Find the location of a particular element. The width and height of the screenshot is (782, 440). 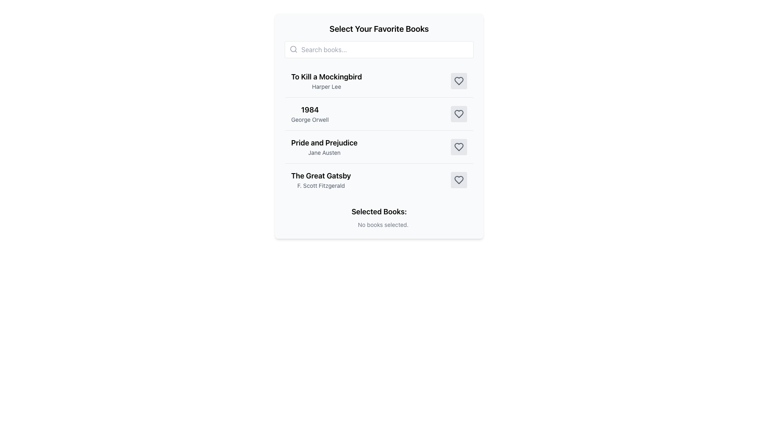

the favorite button for the book entry '1984' by George Orwell, located at the rightmost position in the list of books is located at coordinates (459, 114).